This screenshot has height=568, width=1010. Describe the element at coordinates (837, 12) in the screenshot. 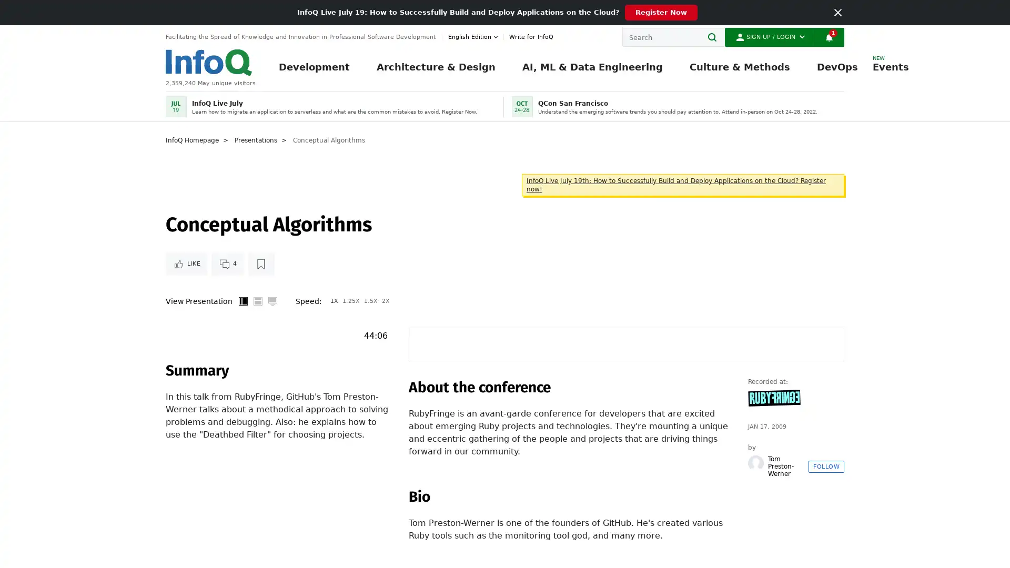

I see `Close` at that location.